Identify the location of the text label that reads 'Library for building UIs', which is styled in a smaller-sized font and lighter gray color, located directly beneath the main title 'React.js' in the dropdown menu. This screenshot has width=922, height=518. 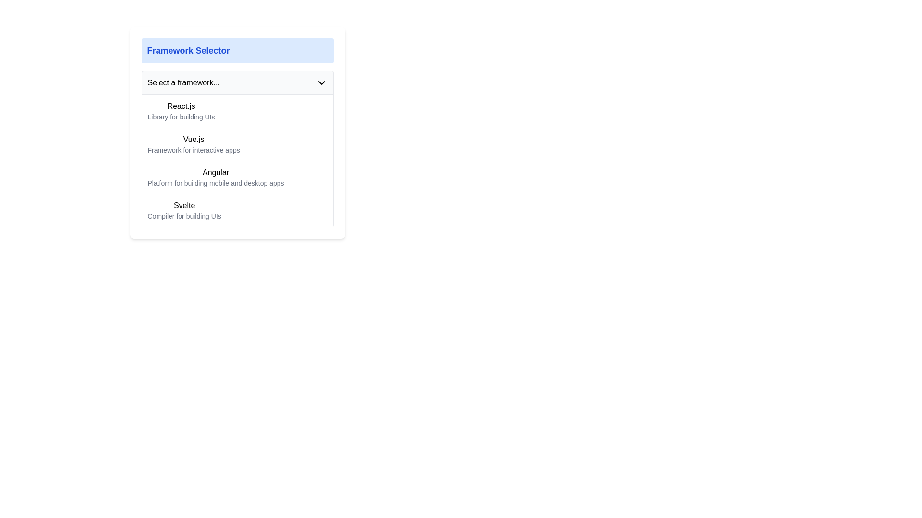
(181, 116).